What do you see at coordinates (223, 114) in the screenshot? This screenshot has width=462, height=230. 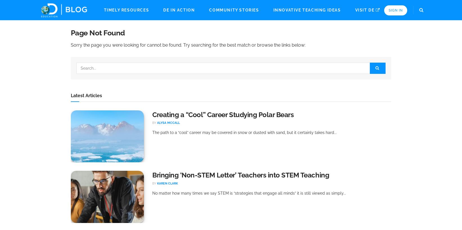 I see `'Creating a “Cool” Career Studying Polar Bears'` at bounding box center [223, 114].